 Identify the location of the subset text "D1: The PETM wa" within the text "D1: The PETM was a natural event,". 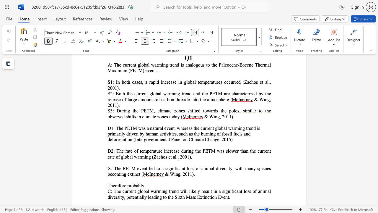
(107, 128).